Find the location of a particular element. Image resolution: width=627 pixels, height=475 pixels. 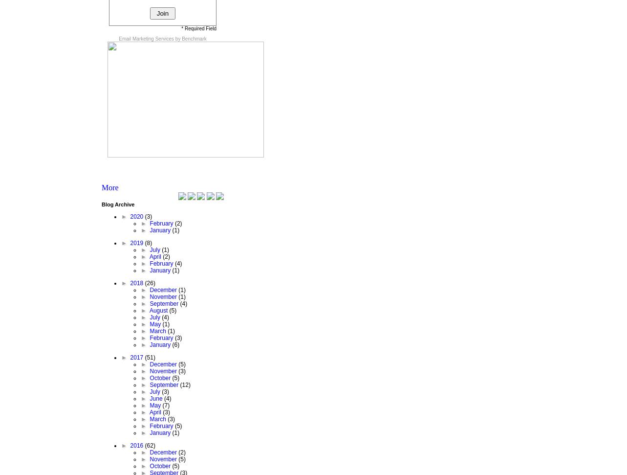

'2016' is located at coordinates (130, 445).